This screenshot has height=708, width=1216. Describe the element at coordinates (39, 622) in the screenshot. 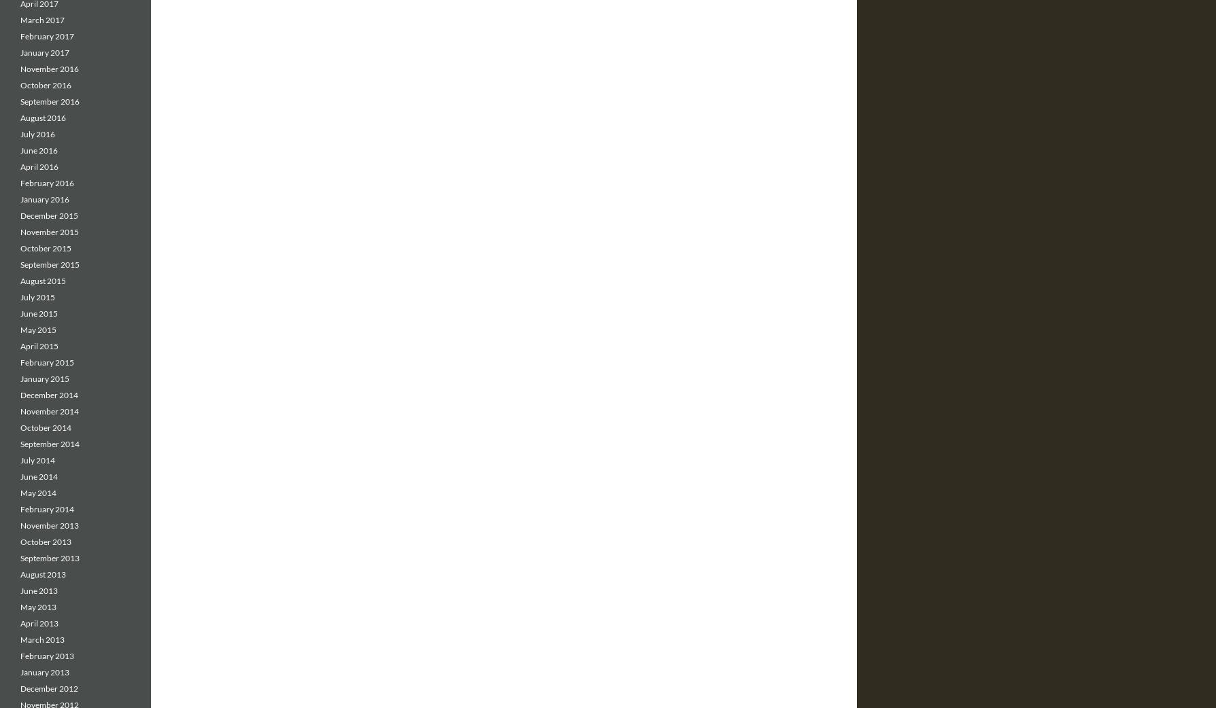

I see `'April 2013'` at that location.